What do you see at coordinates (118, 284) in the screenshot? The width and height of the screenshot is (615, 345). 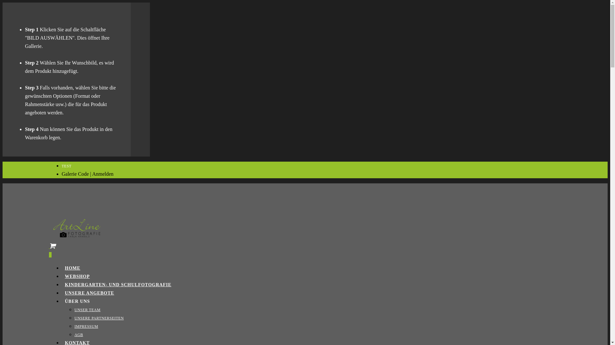 I see `'KINDERGARTEN- UND SCHULFOTOGRAFIE'` at bounding box center [118, 284].